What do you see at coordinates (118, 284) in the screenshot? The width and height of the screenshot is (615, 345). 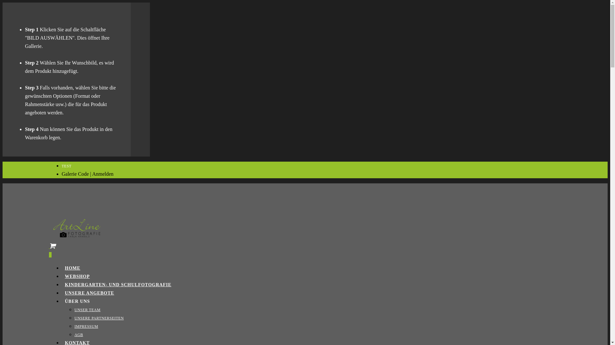 I see `'KINDERGARTEN- UND SCHULFOTOGRAFIE'` at bounding box center [118, 284].